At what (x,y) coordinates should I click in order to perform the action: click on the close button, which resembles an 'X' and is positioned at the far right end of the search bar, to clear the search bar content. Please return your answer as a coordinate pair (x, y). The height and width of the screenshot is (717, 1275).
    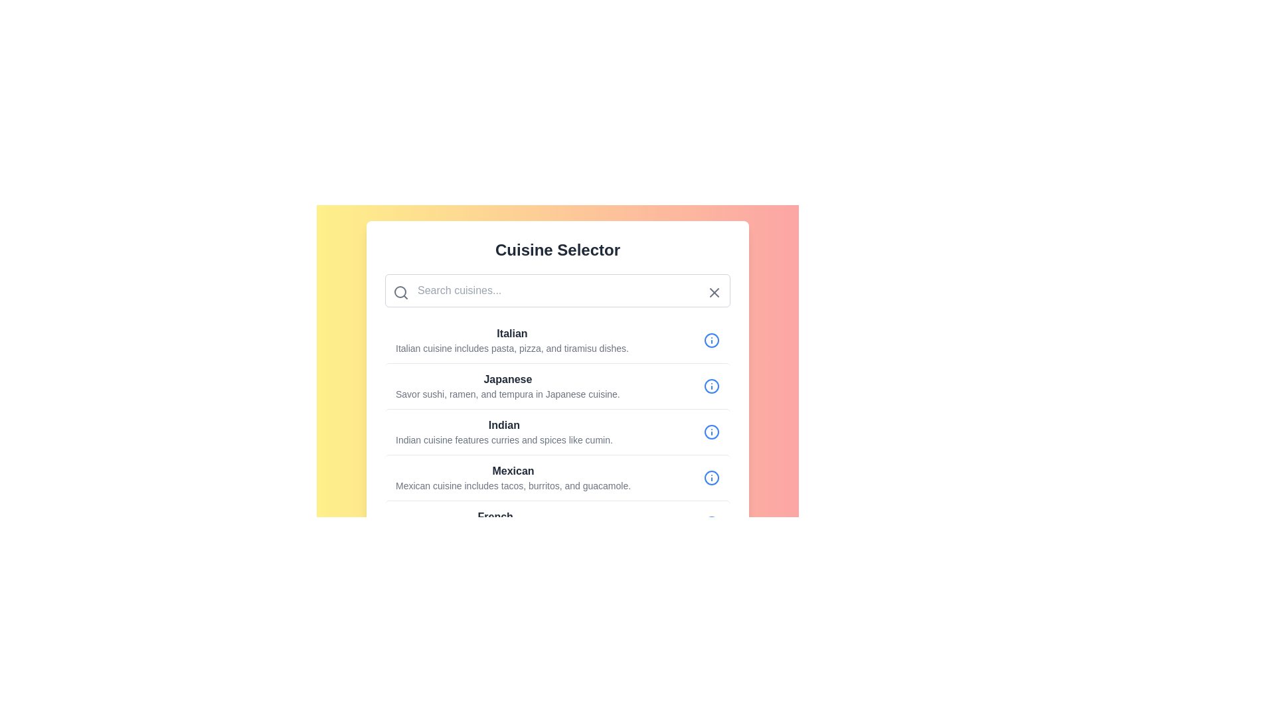
    Looking at the image, I should click on (713, 291).